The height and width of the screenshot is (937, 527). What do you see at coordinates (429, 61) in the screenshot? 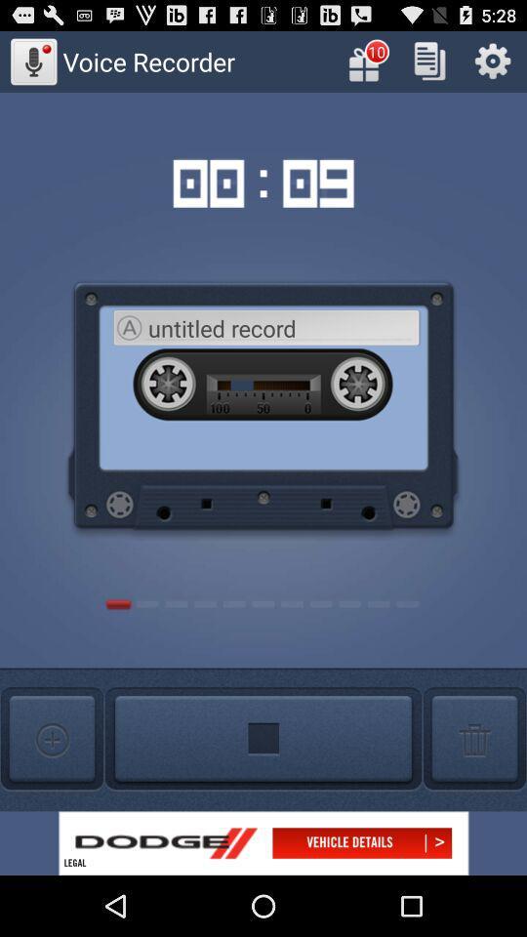
I see `button` at bounding box center [429, 61].